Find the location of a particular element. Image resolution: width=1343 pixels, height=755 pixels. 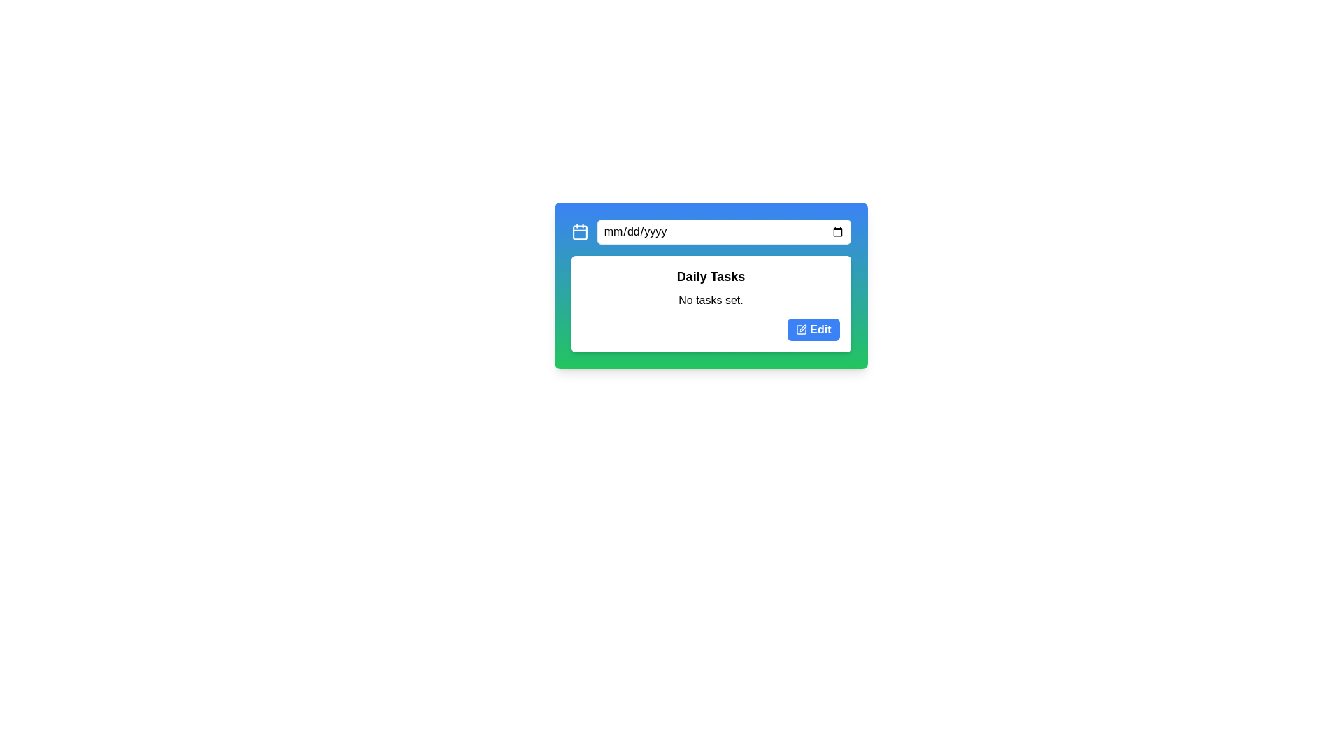

the Static Text element that displays 'No tasks set.' located directly under the heading 'Daily Tasks' in a white card component is located at coordinates (711, 301).